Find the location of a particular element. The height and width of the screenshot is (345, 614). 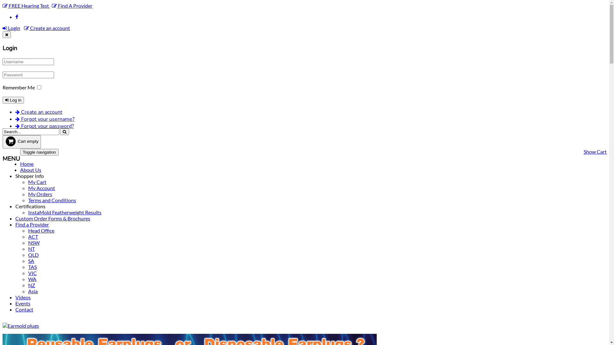

'Find A Provider' is located at coordinates (72, 5).